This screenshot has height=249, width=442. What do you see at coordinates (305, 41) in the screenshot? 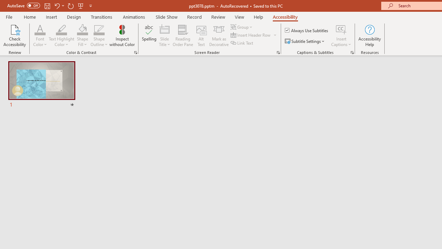
I see `'Subtitle Settings'` at bounding box center [305, 41].